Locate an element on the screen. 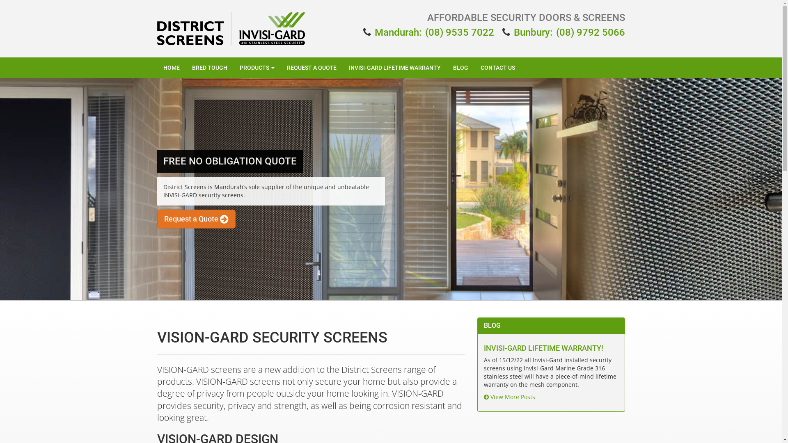 The width and height of the screenshot is (788, 443). 'Request a Quote' is located at coordinates (195, 218).